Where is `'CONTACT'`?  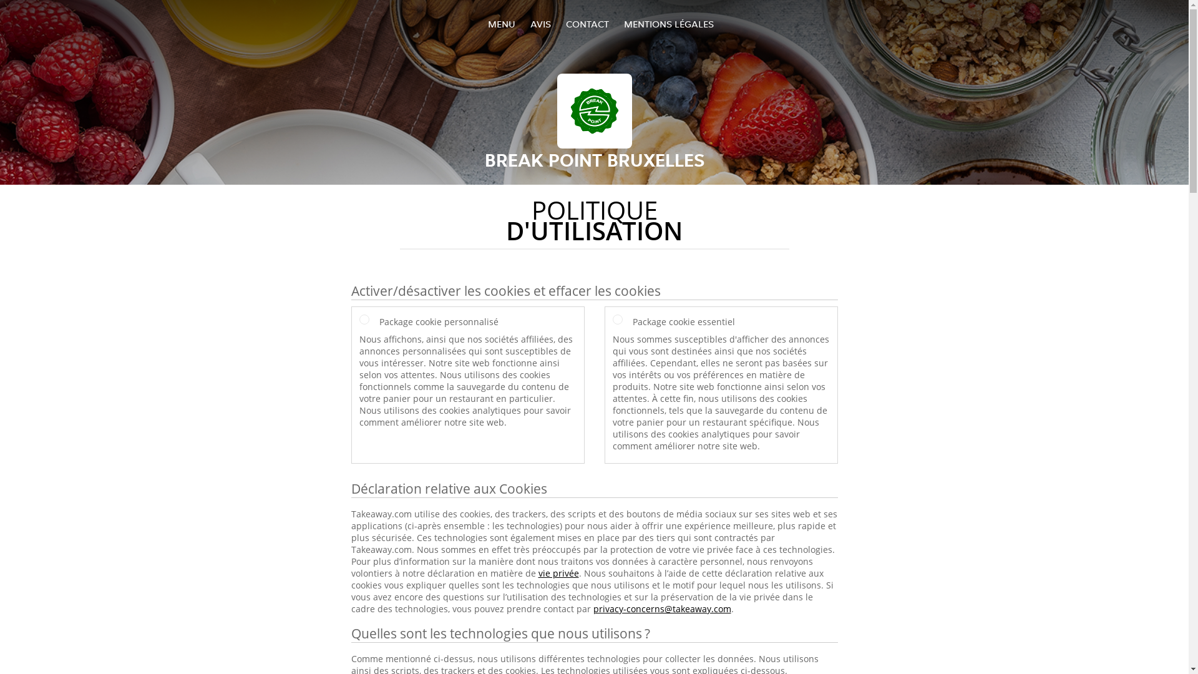 'CONTACT' is located at coordinates (565, 24).